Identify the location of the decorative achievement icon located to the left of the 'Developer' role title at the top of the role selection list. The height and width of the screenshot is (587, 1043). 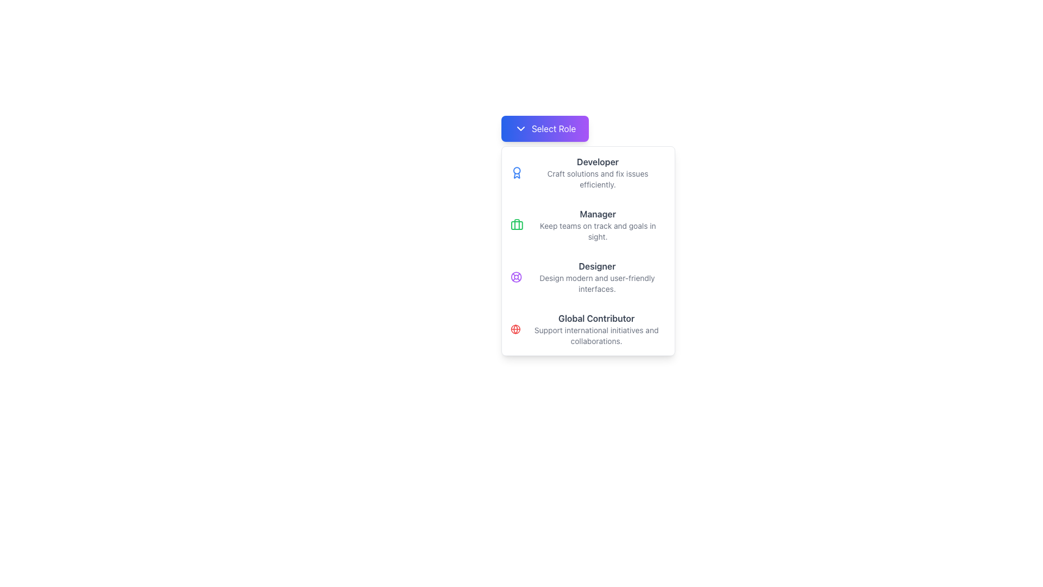
(516, 172).